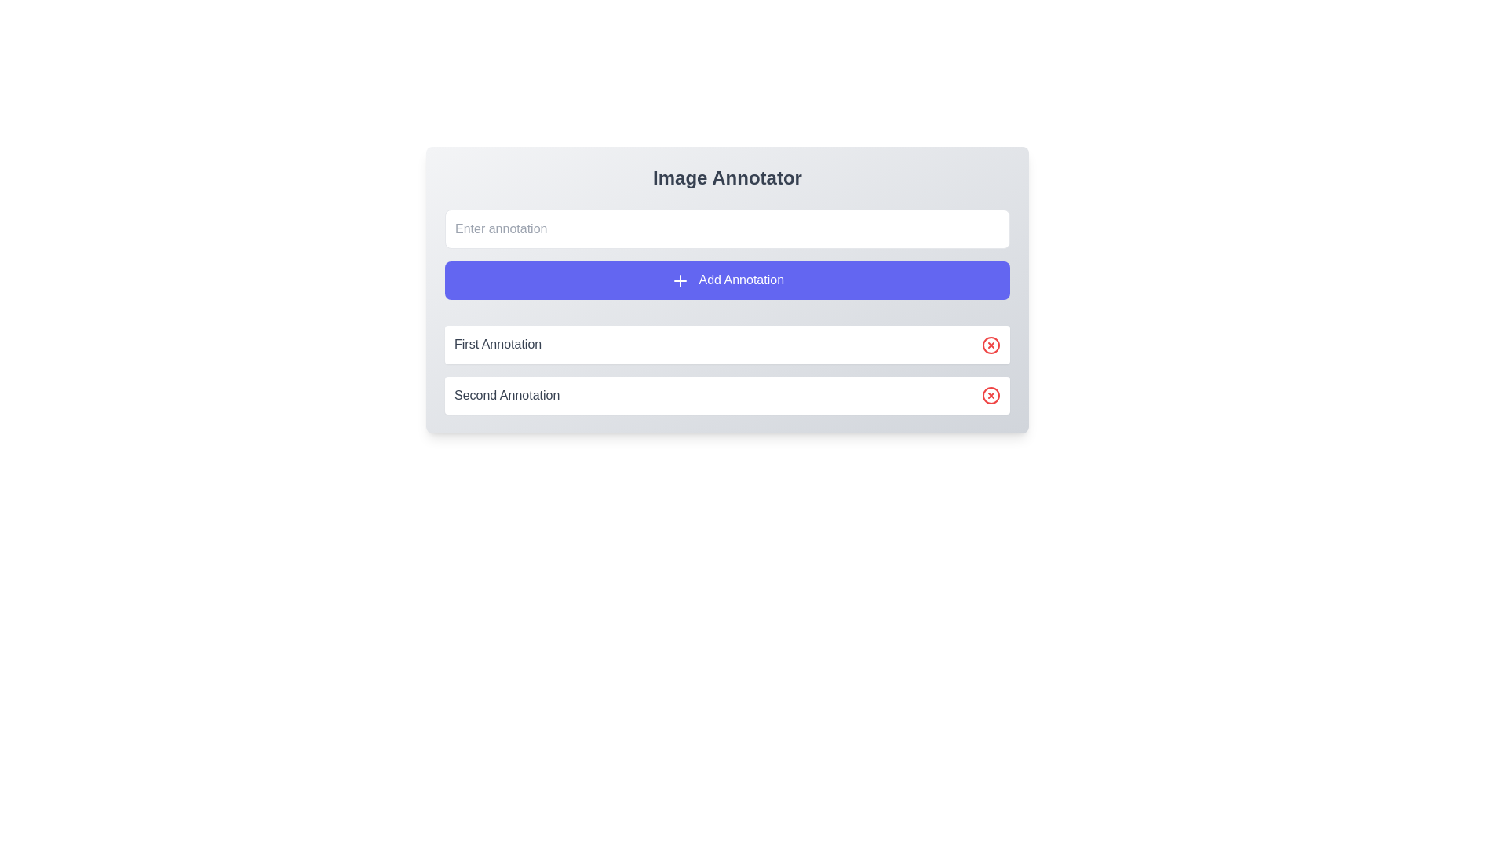  I want to click on the text label displaying 'Second Annotation' in bold gray font, located within the second annotation card, so click(507, 394).